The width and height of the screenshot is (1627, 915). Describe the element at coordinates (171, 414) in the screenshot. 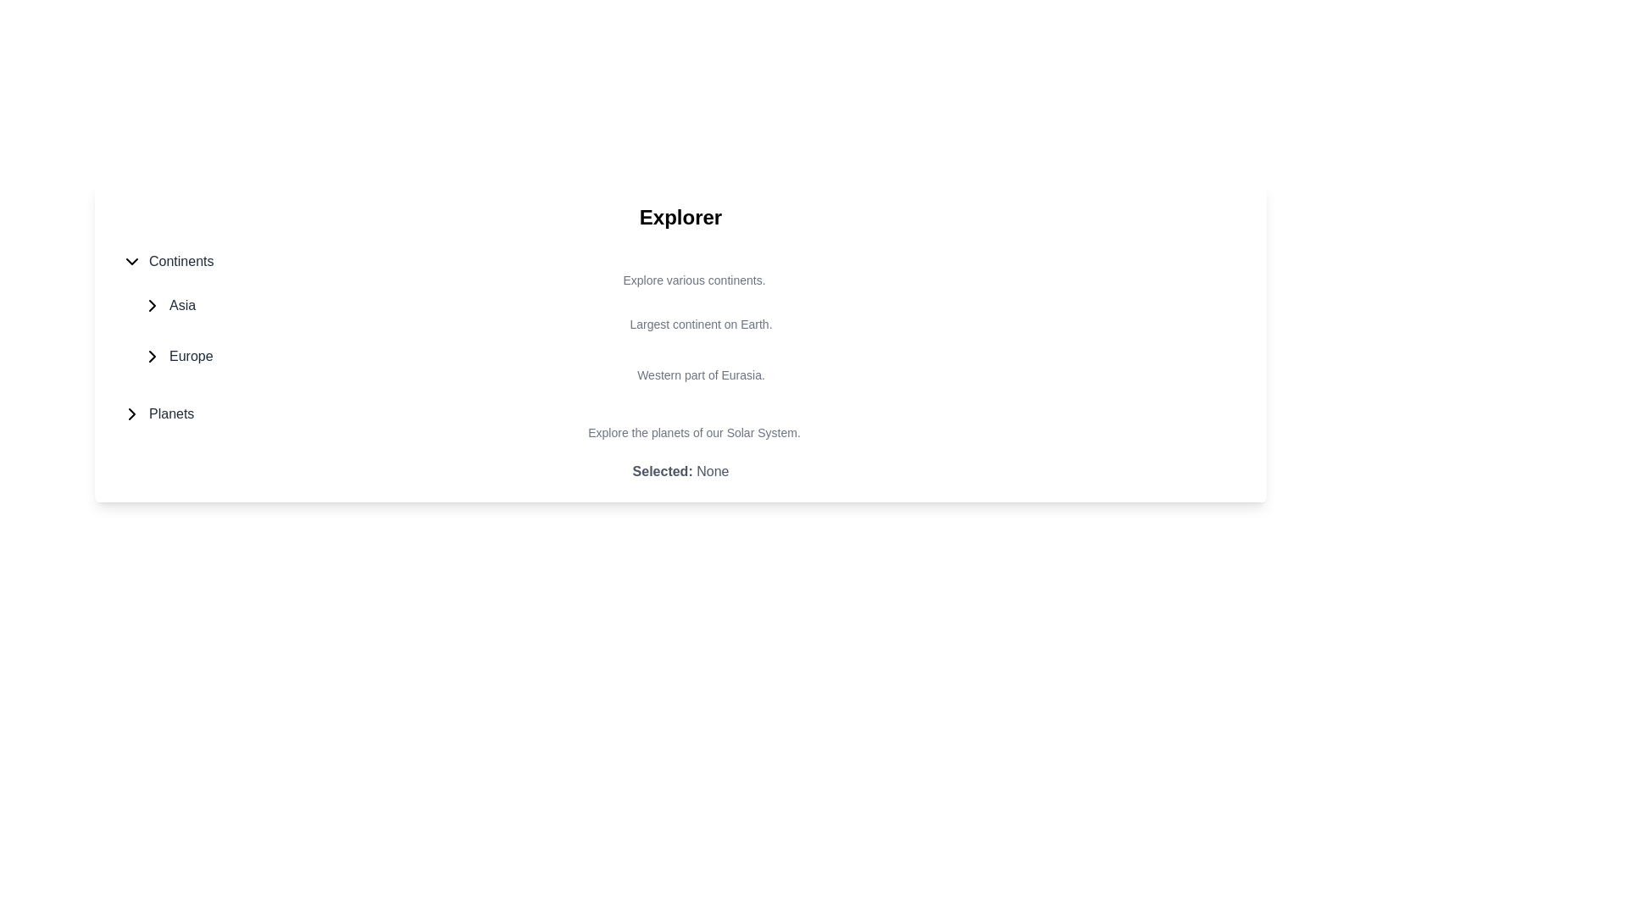

I see `the 'Planets' text label` at that location.